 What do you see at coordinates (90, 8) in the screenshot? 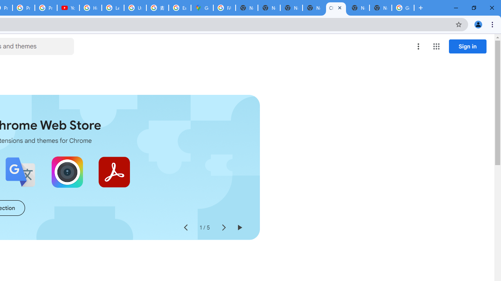
I see `'How Chrome protects your passwords - Google Chrome Help'` at bounding box center [90, 8].